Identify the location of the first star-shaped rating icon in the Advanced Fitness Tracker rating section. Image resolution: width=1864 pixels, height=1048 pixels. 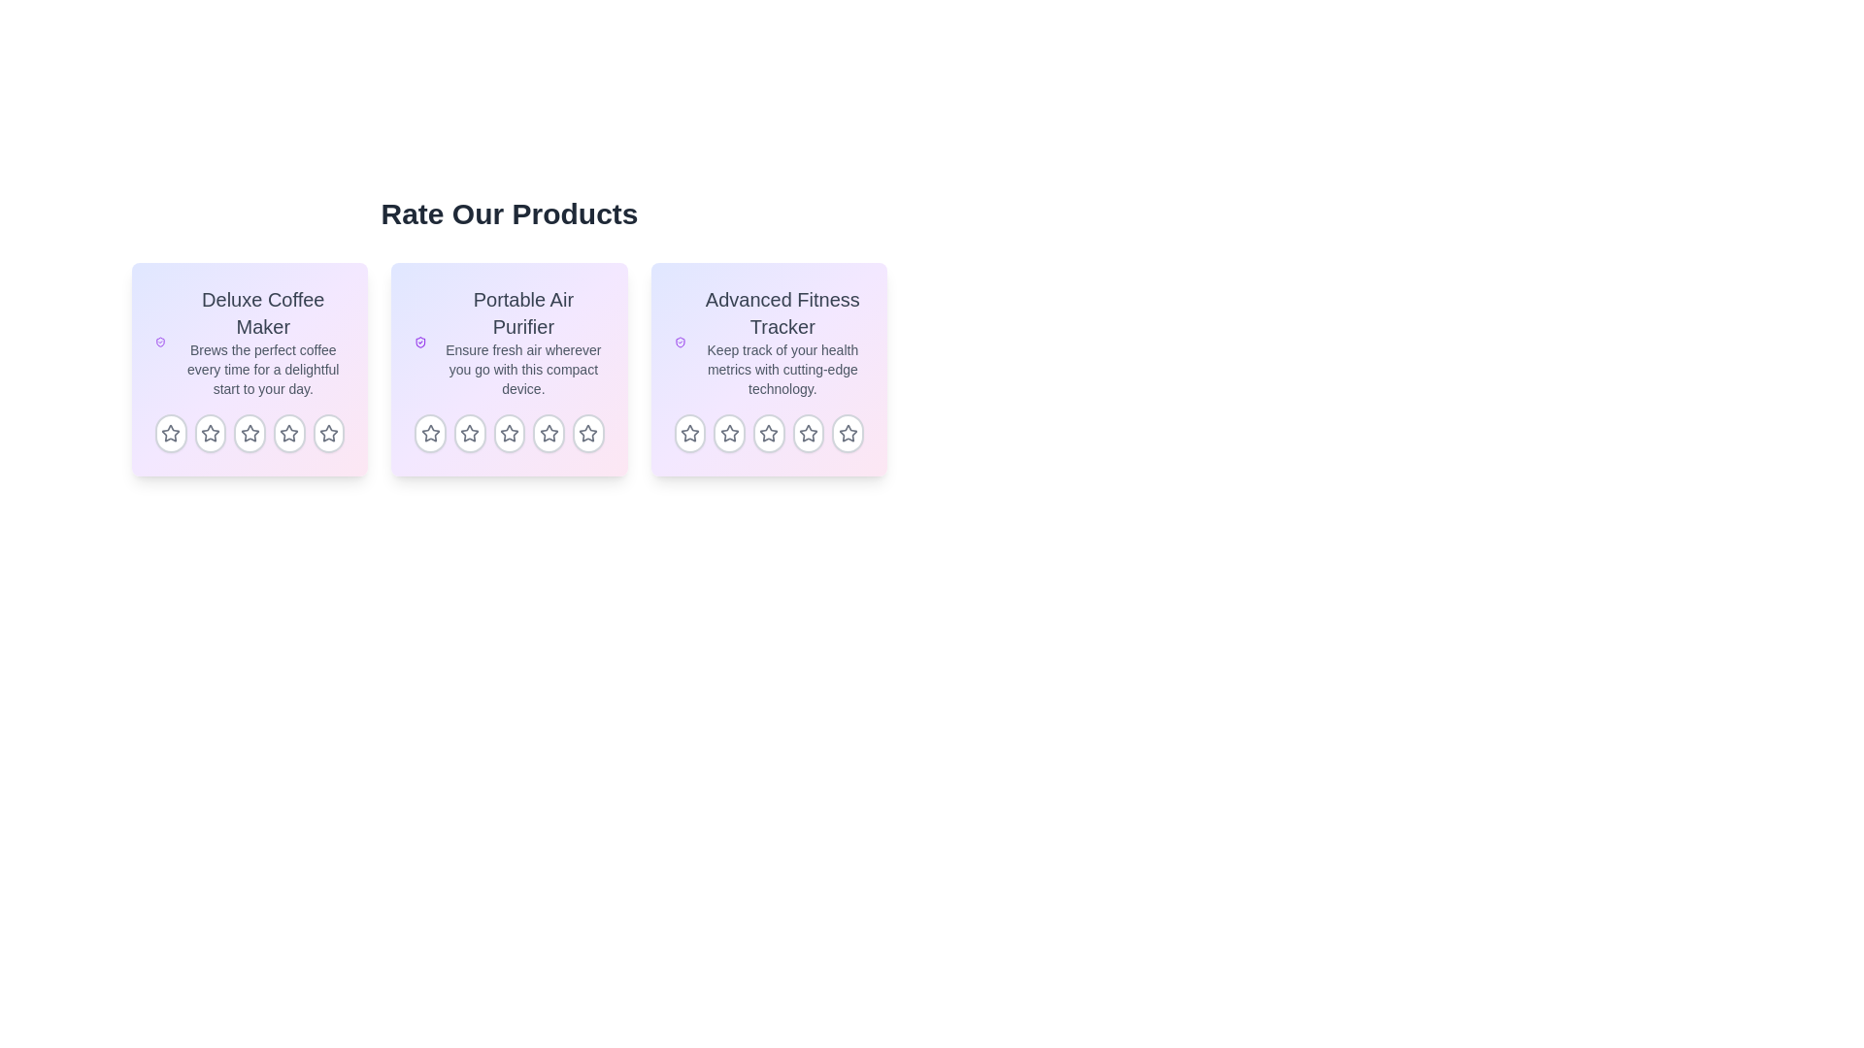
(689, 433).